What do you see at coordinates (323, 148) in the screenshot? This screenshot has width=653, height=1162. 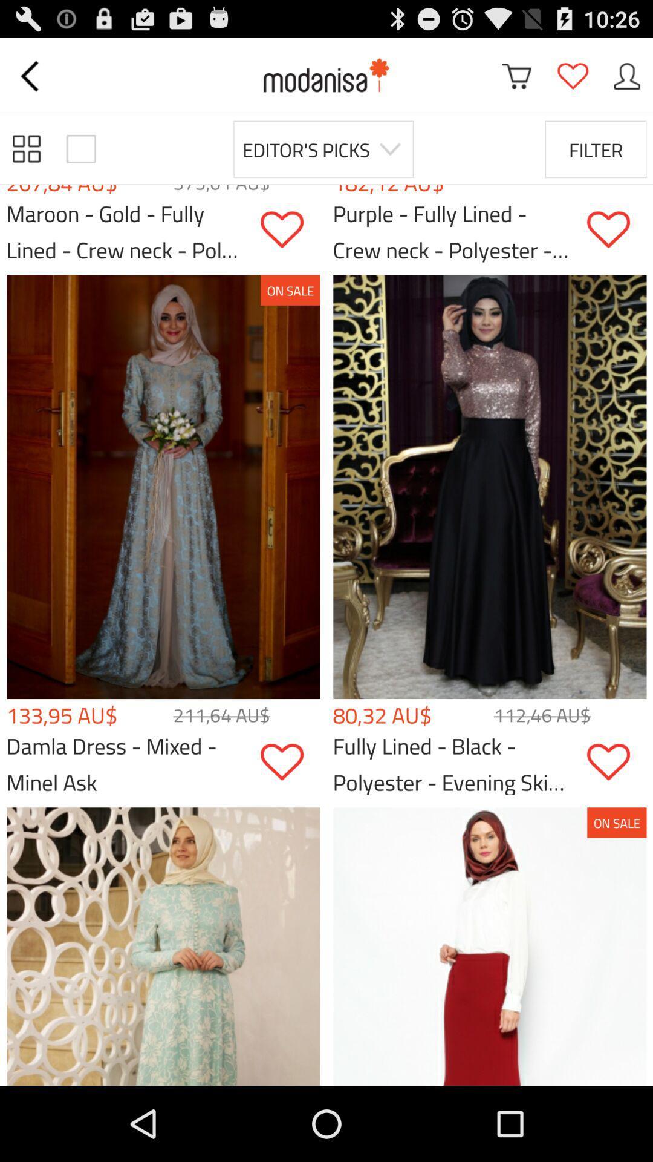 I see `editor's picks` at bounding box center [323, 148].